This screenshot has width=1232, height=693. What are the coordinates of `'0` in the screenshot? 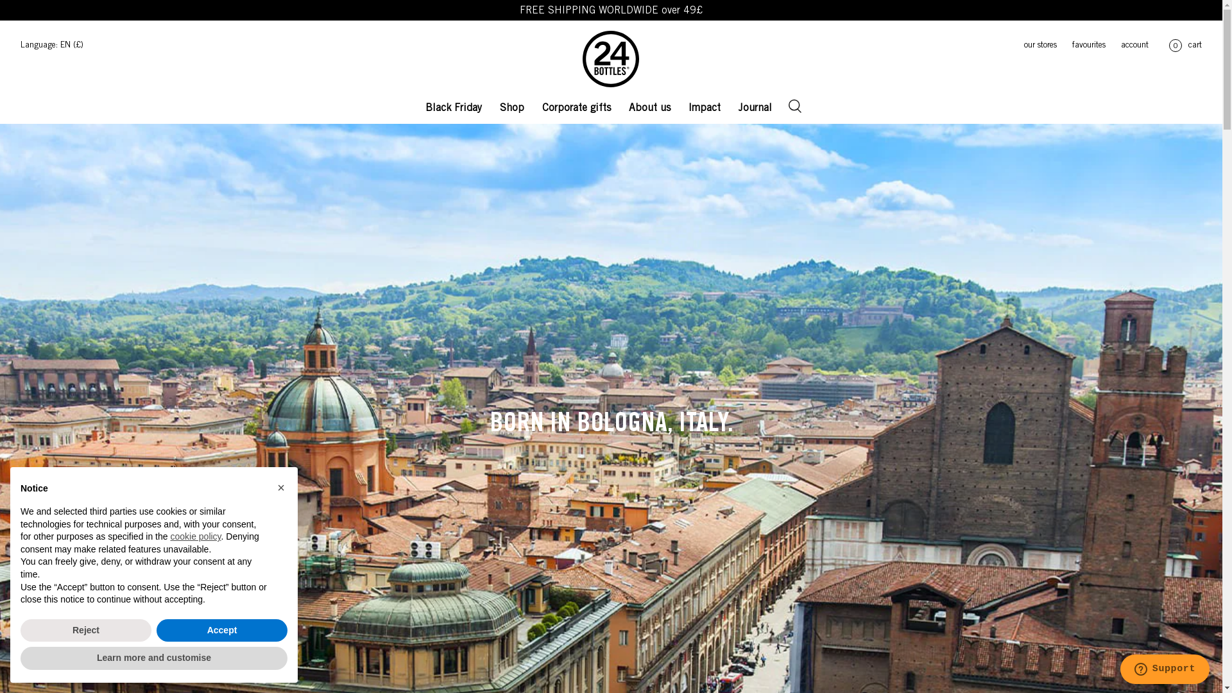 It's located at (1182, 45).